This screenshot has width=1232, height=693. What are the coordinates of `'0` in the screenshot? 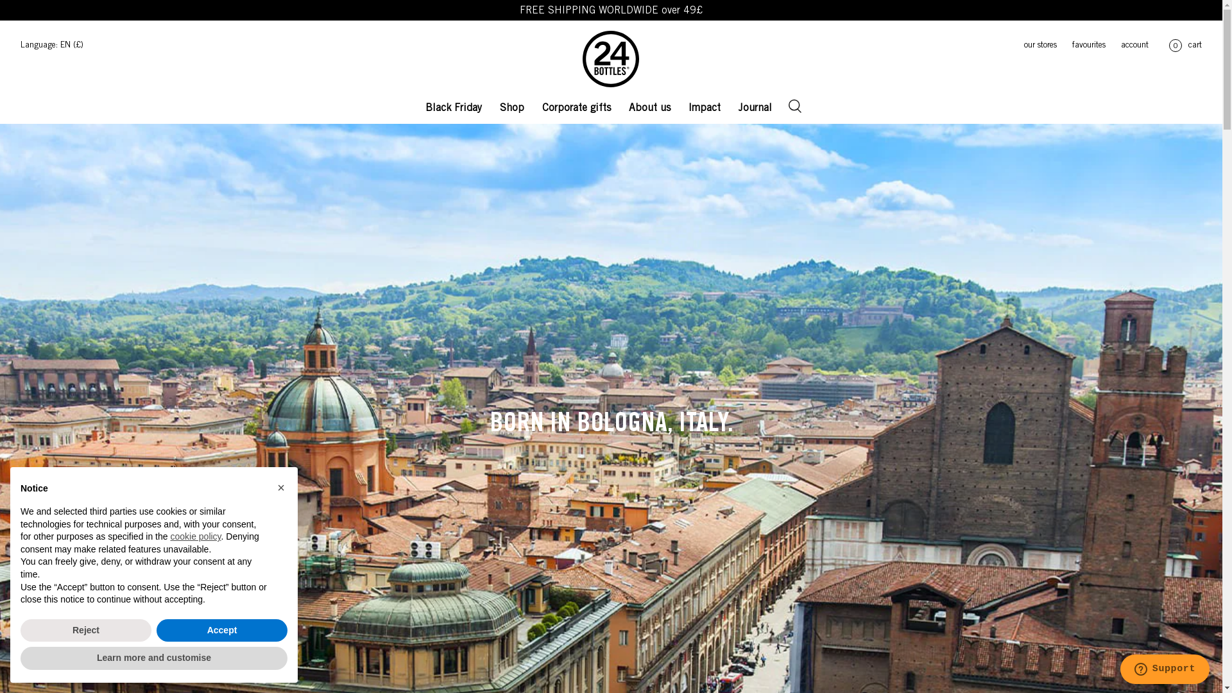 It's located at (1182, 45).